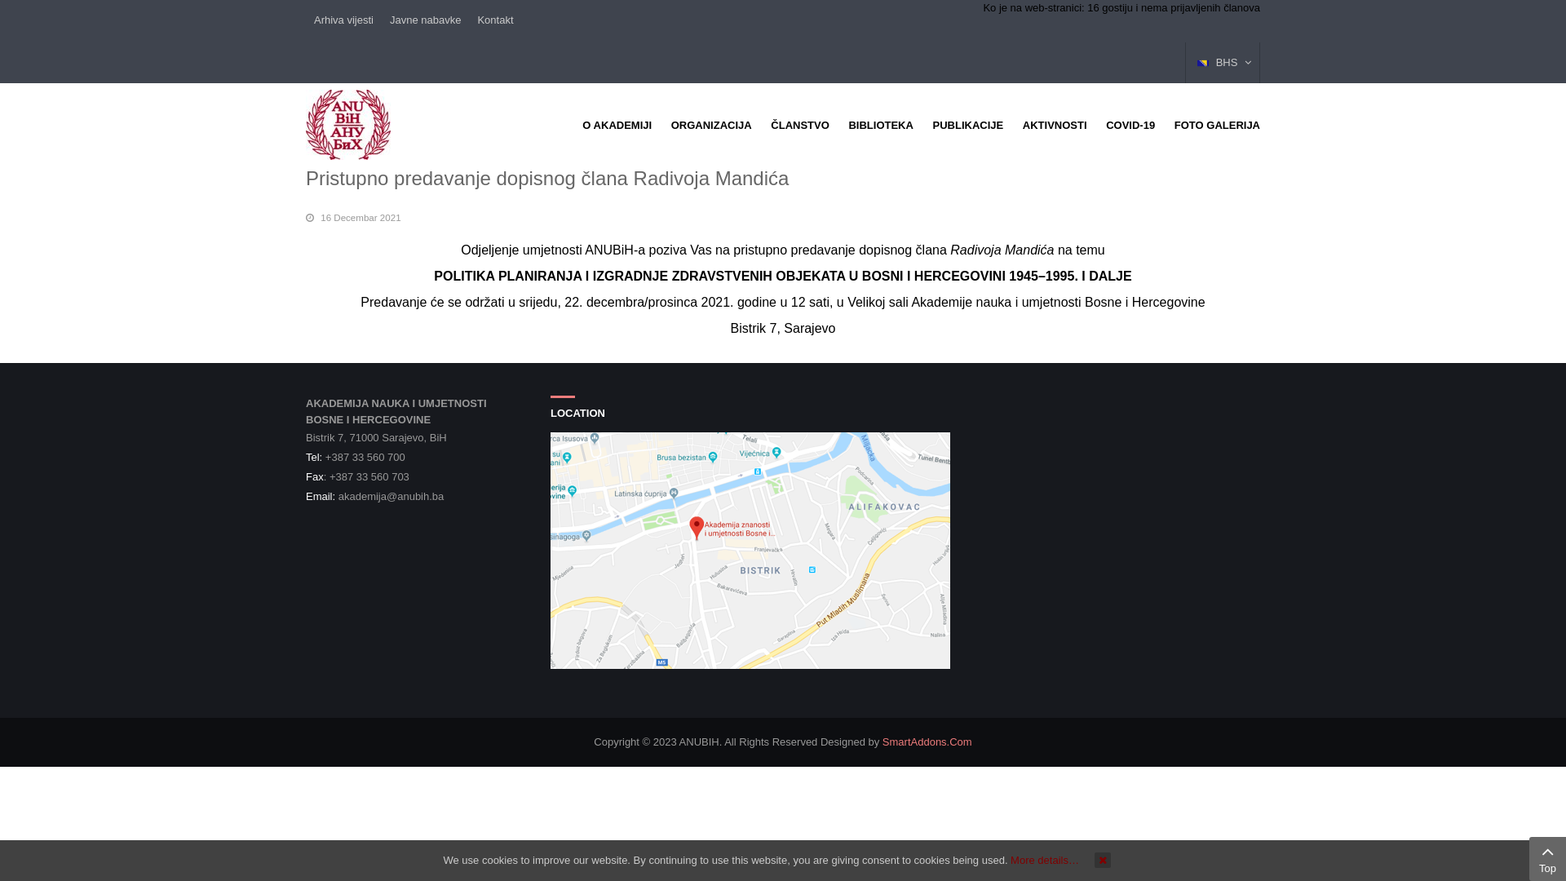 The width and height of the screenshot is (1566, 881). Describe the element at coordinates (881, 742) in the screenshot. I see `'SmartAddons.Com'` at that location.